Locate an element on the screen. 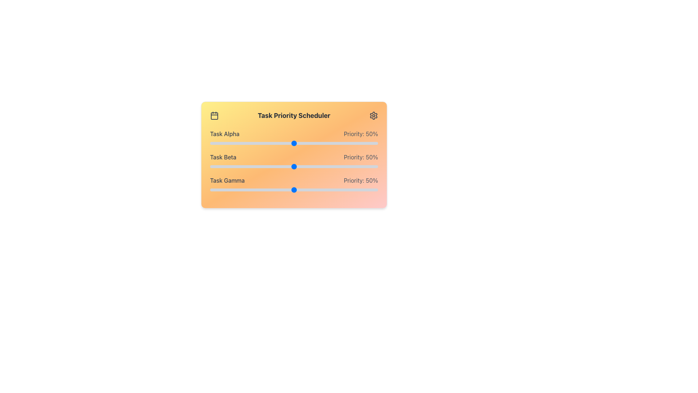 This screenshot has height=393, width=698. the slider of the Composite component labeled 'Task Beta Priority: 50%' is located at coordinates (294, 161).